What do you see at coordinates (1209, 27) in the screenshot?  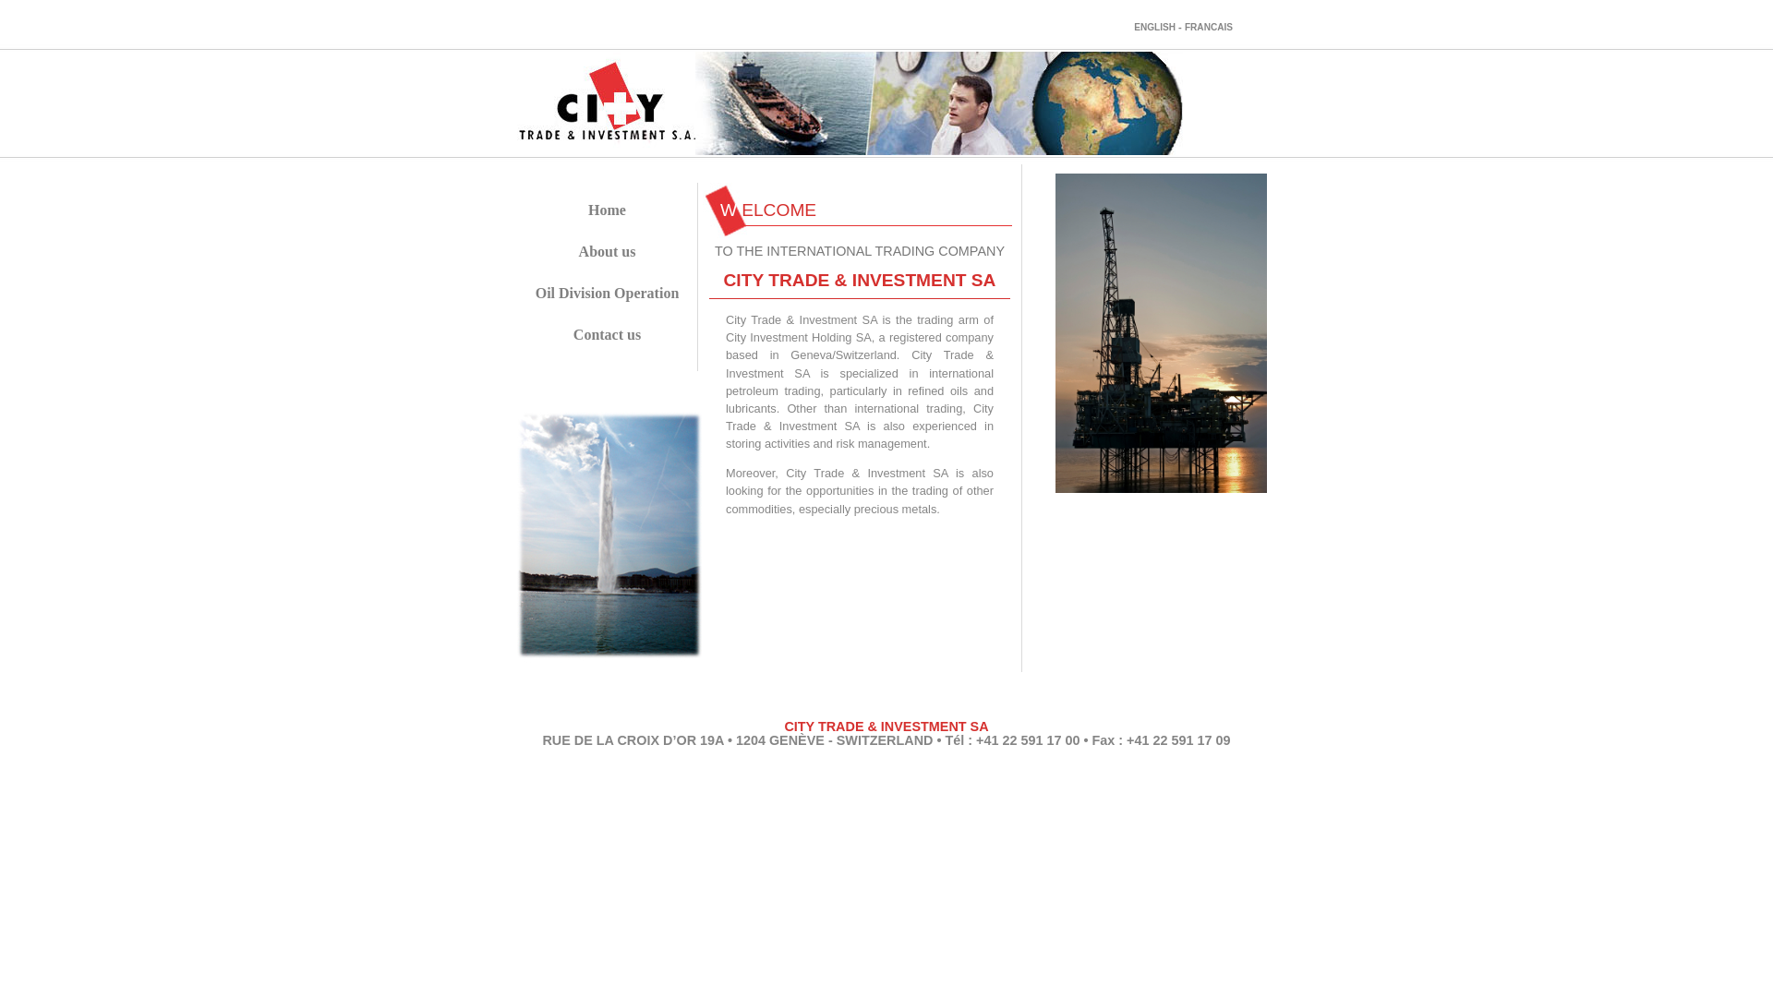 I see `'FRANCAIS'` at bounding box center [1209, 27].